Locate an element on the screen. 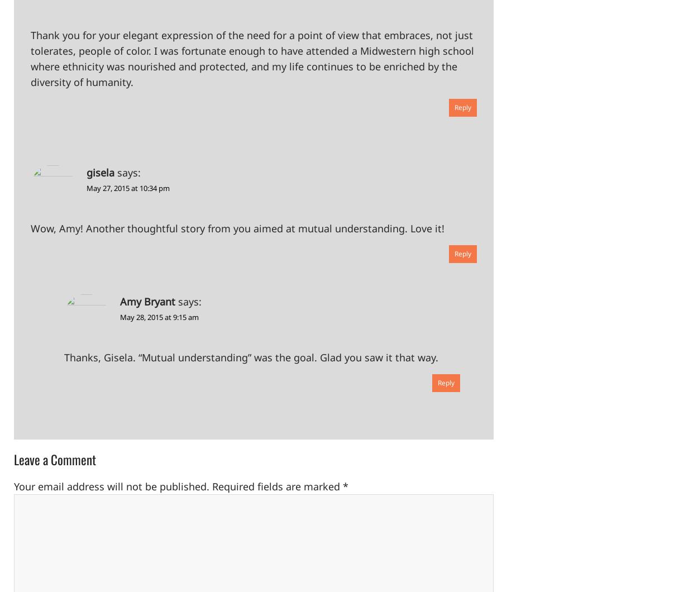  '*' is located at coordinates (342, 486).